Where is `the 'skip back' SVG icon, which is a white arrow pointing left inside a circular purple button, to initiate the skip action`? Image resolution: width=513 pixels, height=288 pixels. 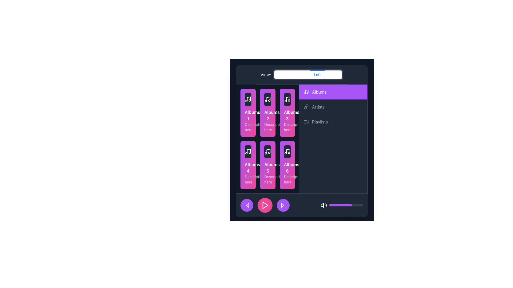 the 'skip back' SVG icon, which is a white arrow pointing left inside a circular purple button, to initiate the skip action is located at coordinates (247, 205).